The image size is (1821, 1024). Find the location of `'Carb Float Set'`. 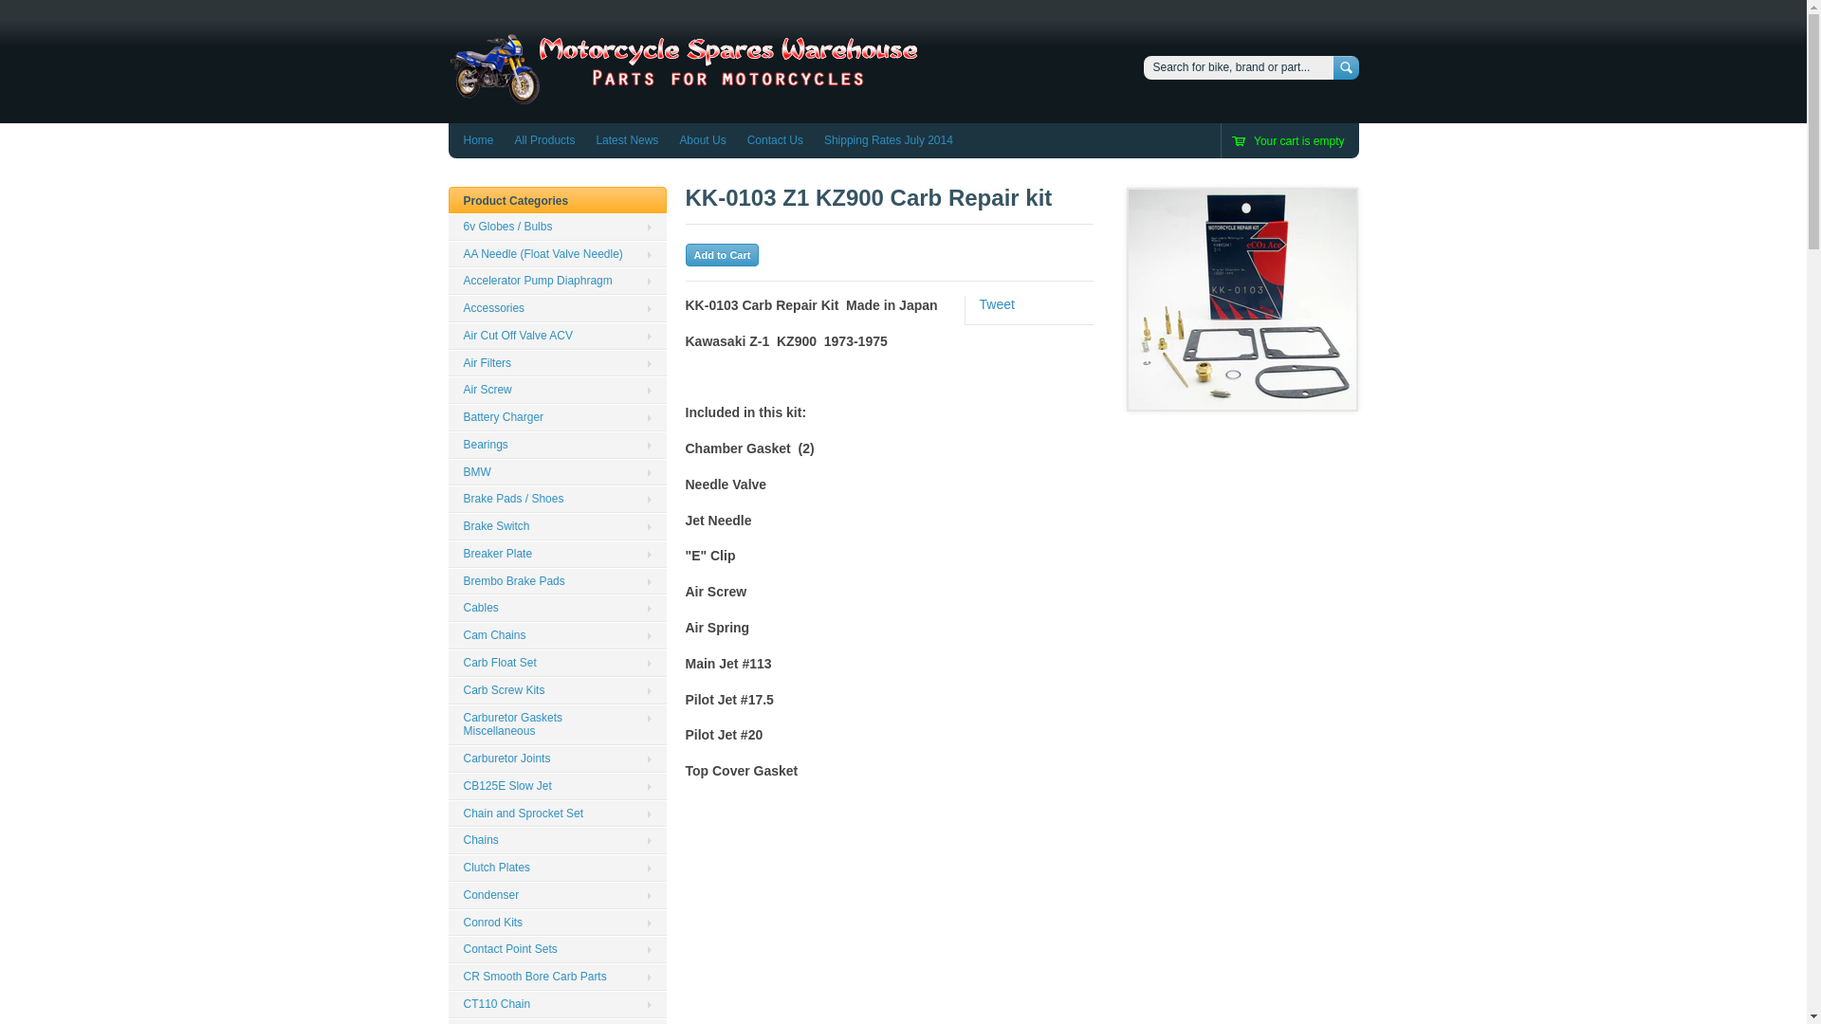

'Carb Float Set' is located at coordinates (555, 662).